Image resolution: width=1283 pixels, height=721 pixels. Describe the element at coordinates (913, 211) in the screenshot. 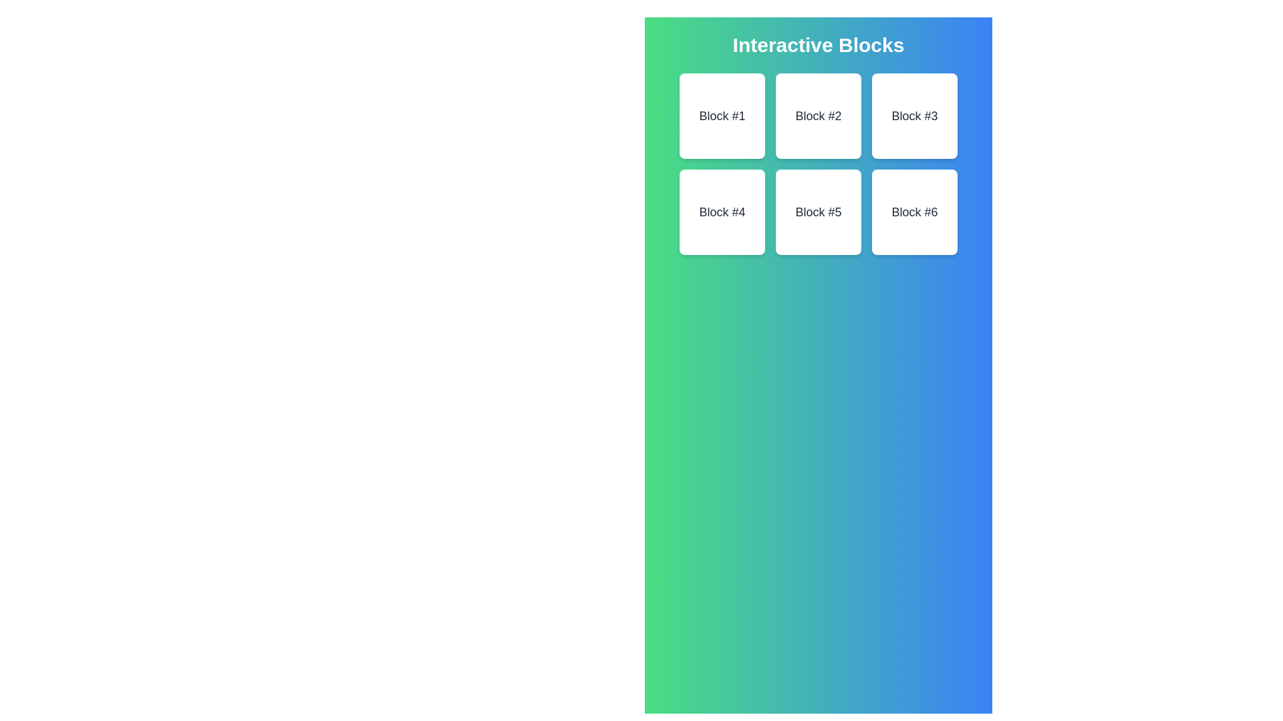

I see `the text label displaying 'Block #6', which is bold, large, and dark gray, located in the bottom-right corner of the grid layout` at that location.